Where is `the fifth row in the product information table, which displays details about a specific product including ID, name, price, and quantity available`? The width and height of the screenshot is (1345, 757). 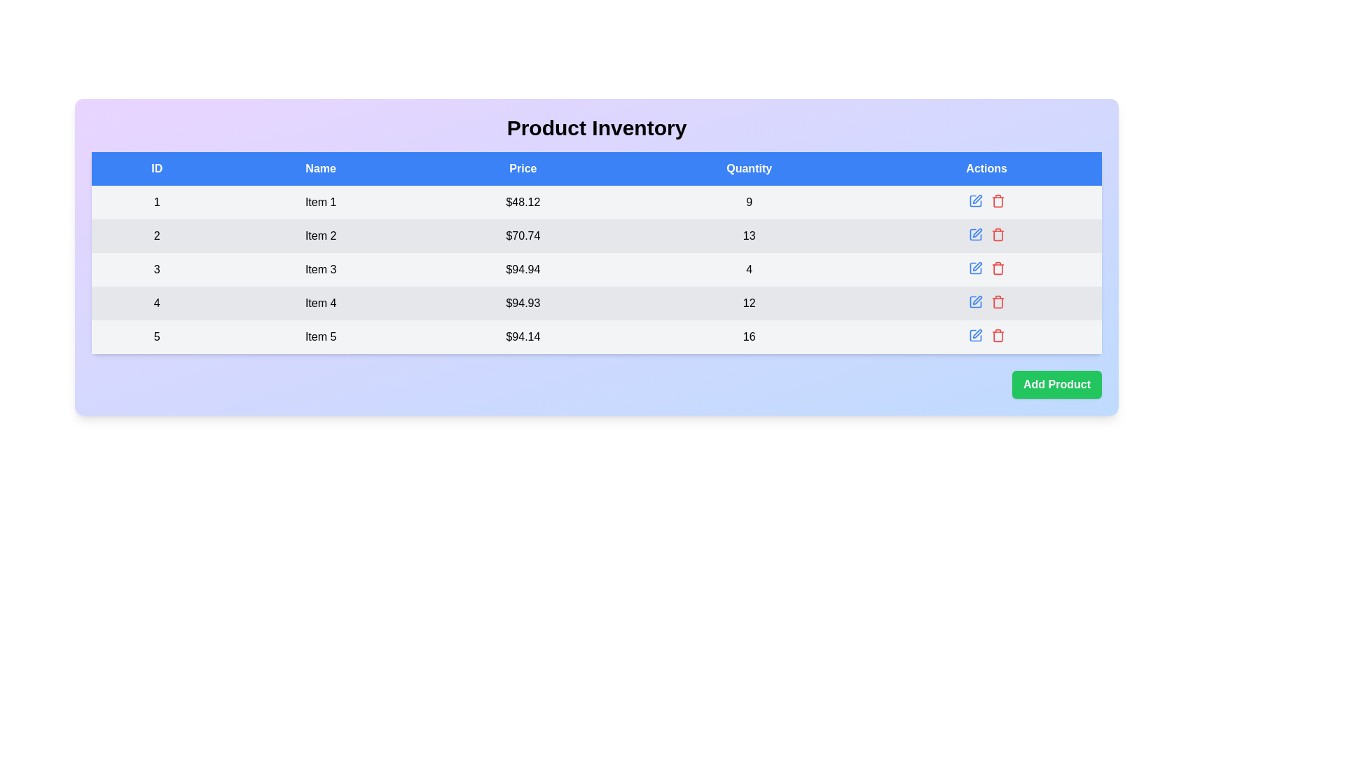
the fifth row in the product information table, which displays details about a specific product including ID, name, price, and quantity available is located at coordinates (596, 337).